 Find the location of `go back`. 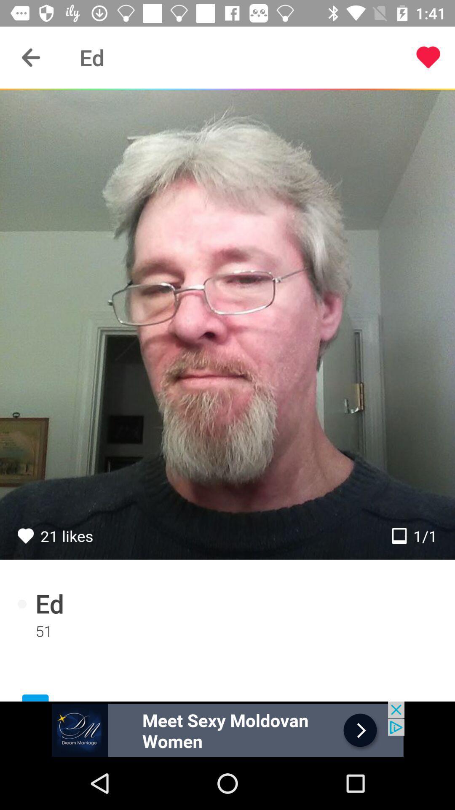

go back is located at coordinates (30, 57).